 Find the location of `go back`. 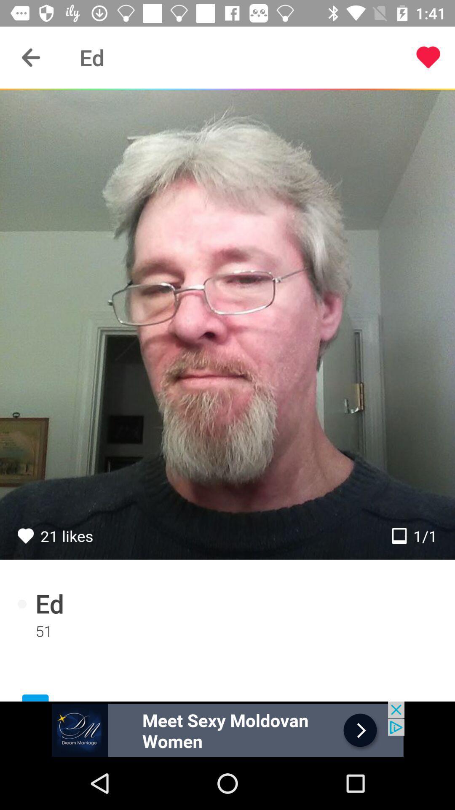

go back is located at coordinates (30, 57).